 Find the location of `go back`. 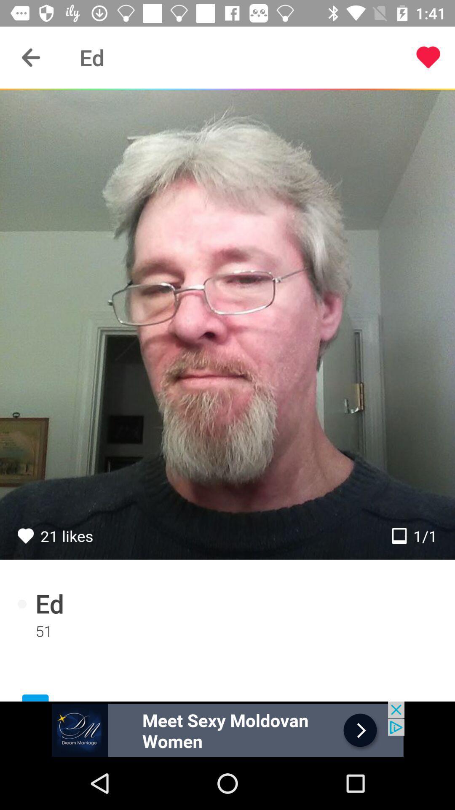

go back is located at coordinates (30, 57).